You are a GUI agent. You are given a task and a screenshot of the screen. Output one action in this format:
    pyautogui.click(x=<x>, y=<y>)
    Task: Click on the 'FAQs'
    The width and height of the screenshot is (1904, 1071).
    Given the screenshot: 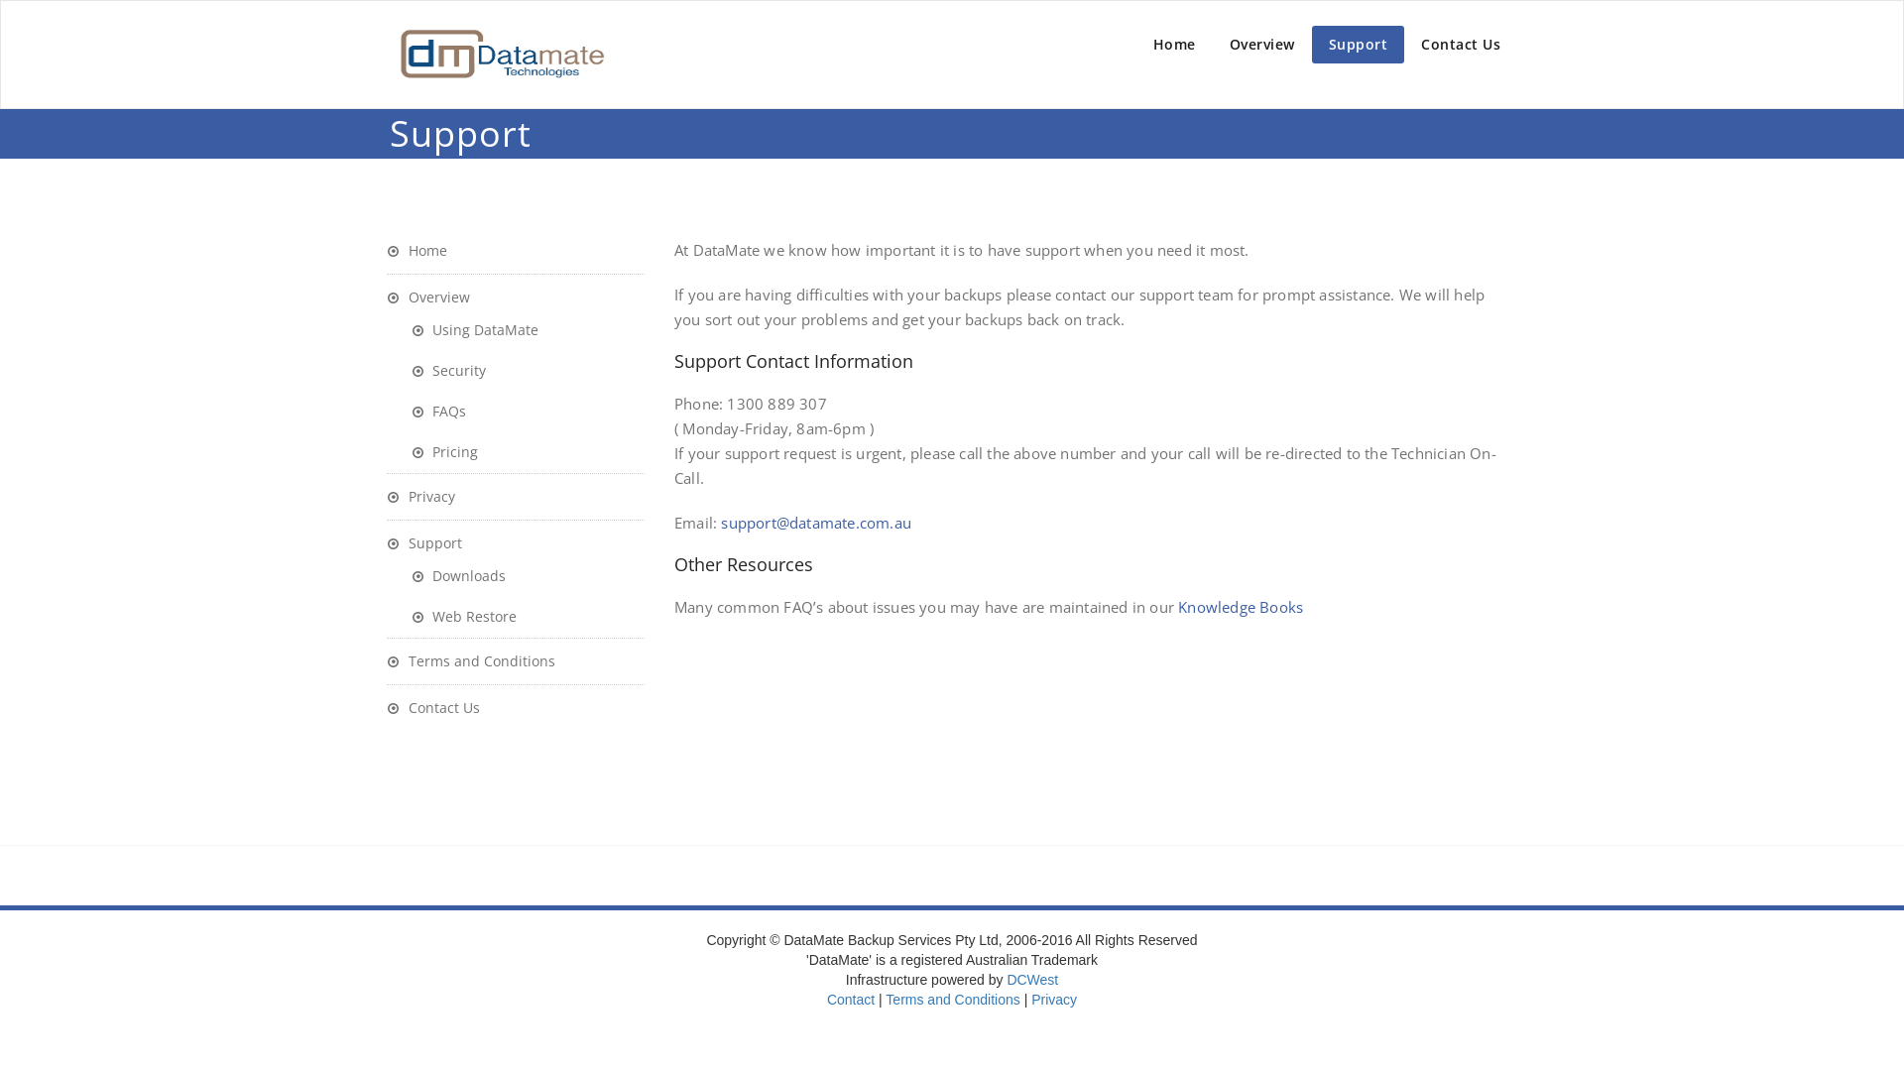 What is the action you would take?
    pyautogui.click(x=437, y=410)
    